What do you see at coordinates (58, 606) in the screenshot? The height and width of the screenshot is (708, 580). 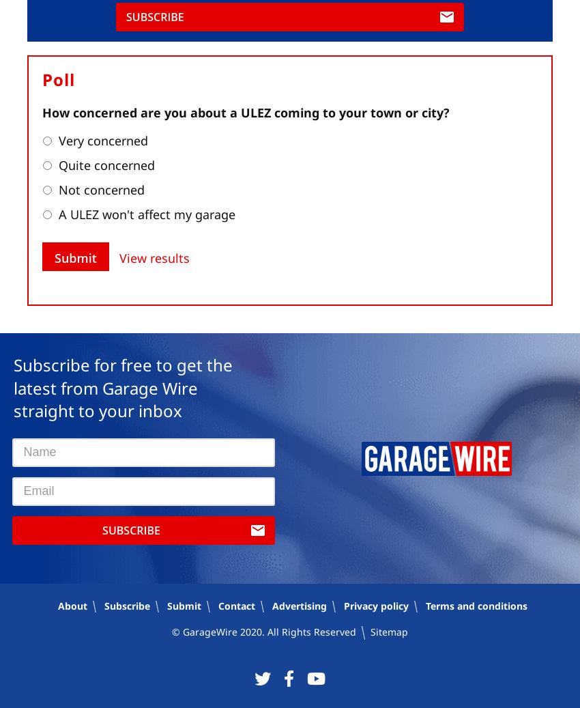 I see `'About'` at bounding box center [58, 606].